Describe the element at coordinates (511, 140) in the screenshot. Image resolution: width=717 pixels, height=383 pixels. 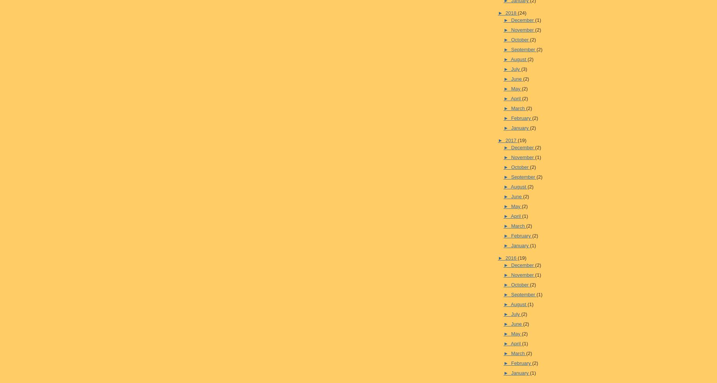
I see `'2017'` at that location.